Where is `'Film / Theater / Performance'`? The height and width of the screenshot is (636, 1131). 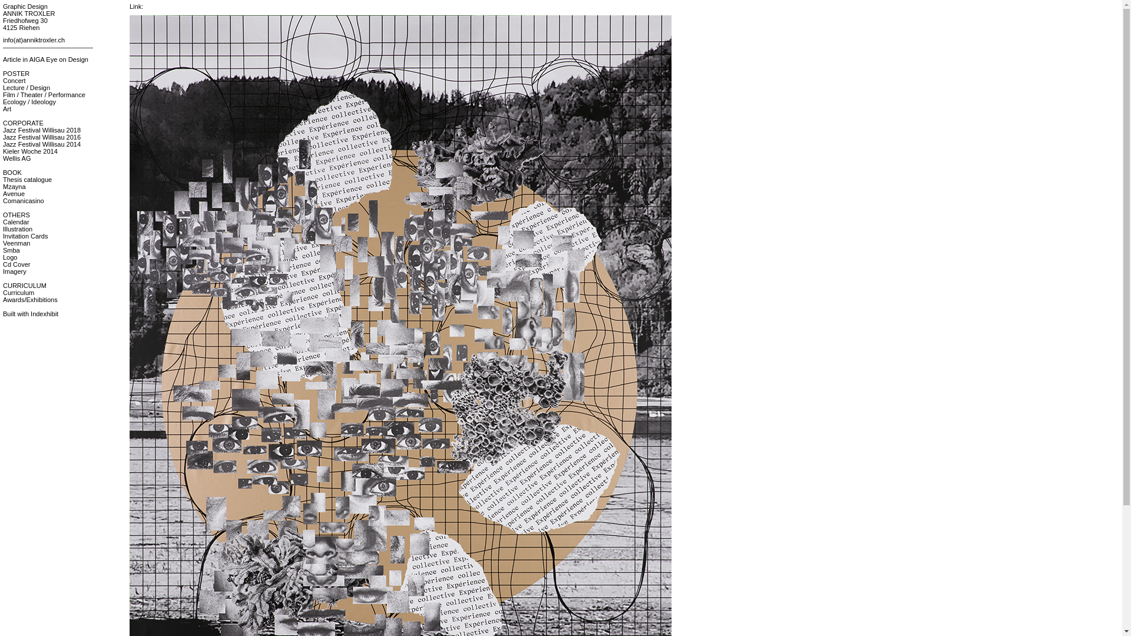 'Film / Theater / Performance' is located at coordinates (2, 94).